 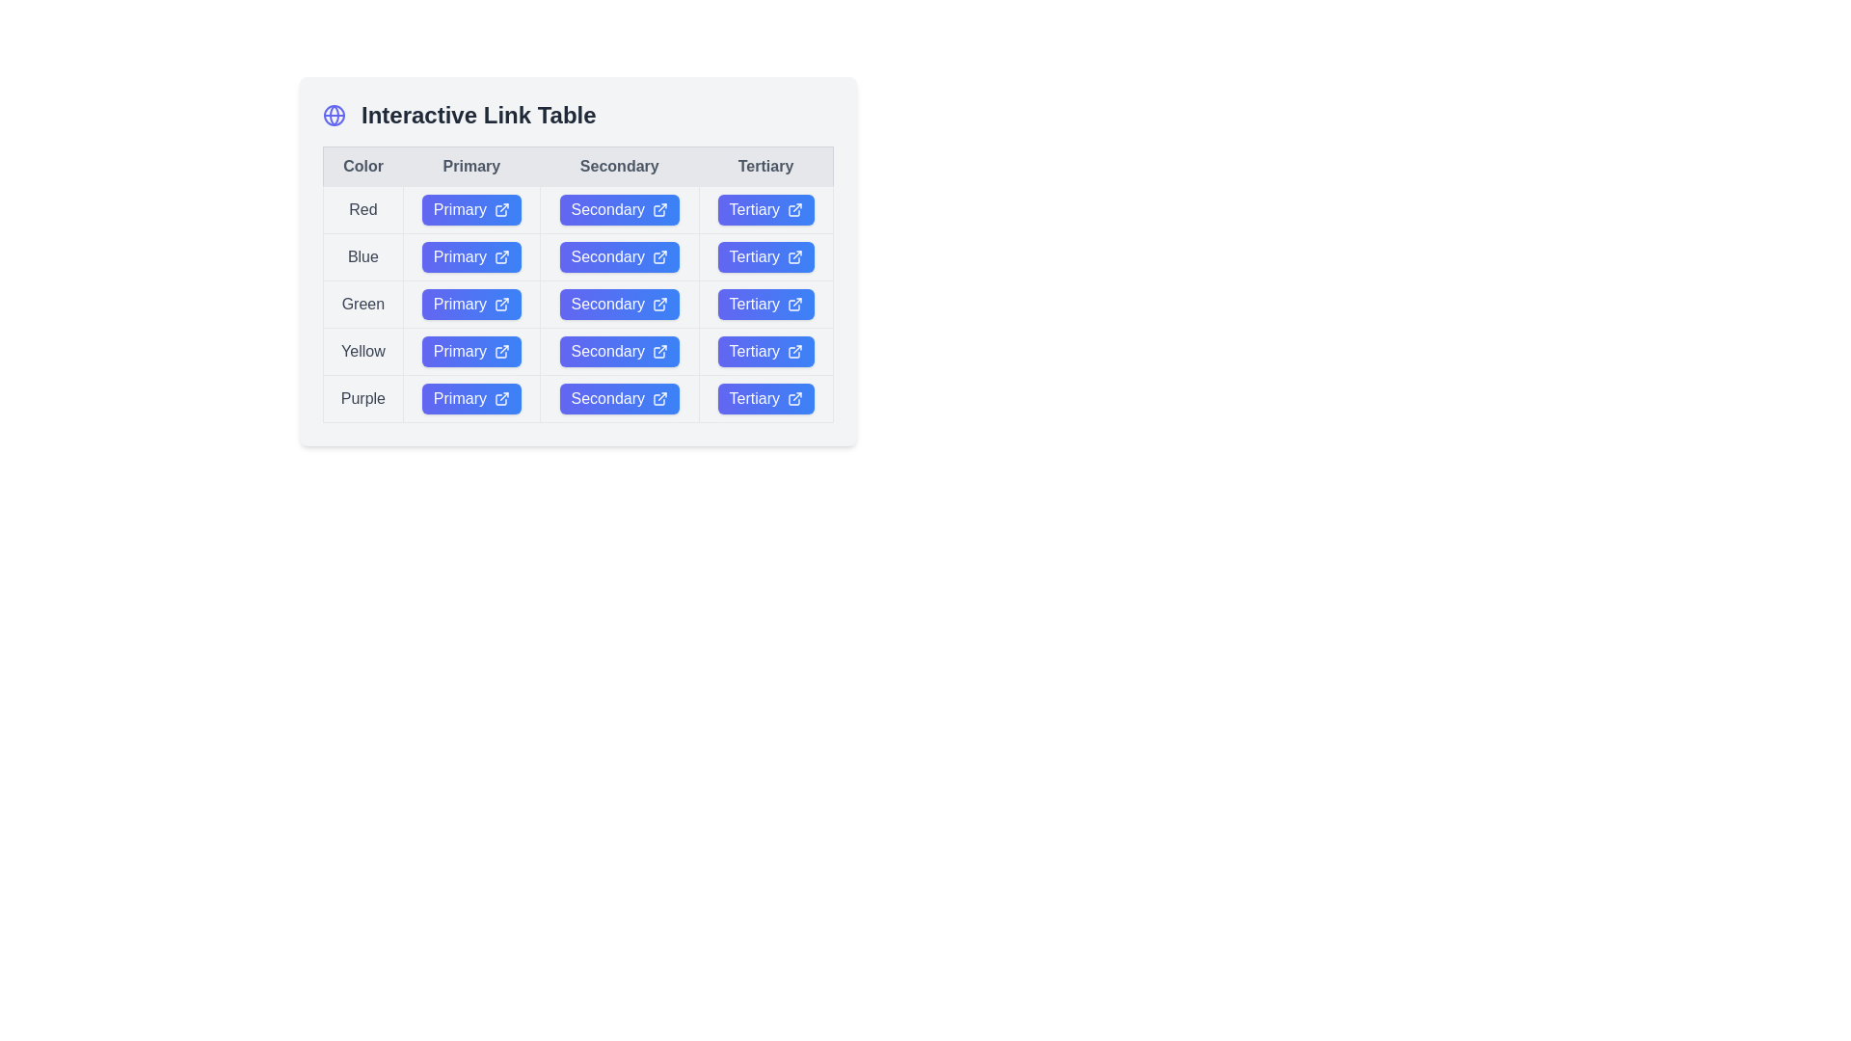 What do you see at coordinates (362, 397) in the screenshot?
I see `text label 'Purple' located in the first cell of the last row under the 'Color' column of the table` at bounding box center [362, 397].